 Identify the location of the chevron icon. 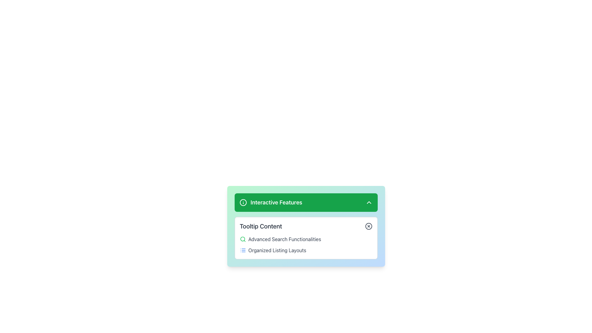
(369, 202).